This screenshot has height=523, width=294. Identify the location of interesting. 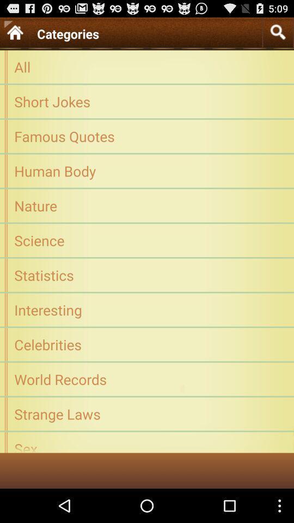
(147, 309).